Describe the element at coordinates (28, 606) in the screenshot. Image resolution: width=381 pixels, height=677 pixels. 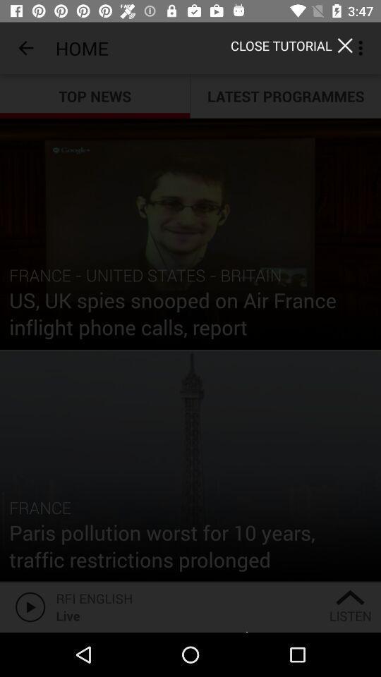
I see `the play icon` at that location.